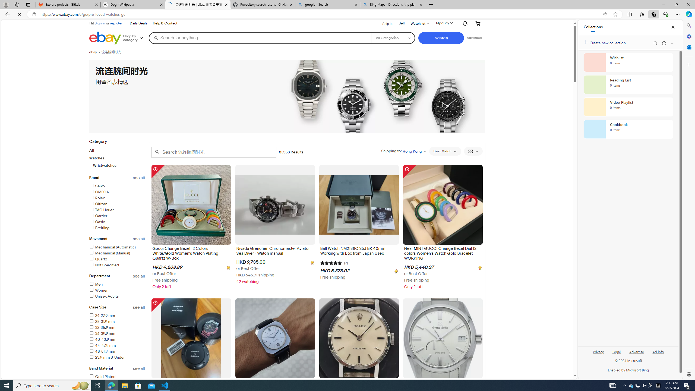 This screenshot has height=391, width=695. I want to click on 'Advertise', so click(636, 351).